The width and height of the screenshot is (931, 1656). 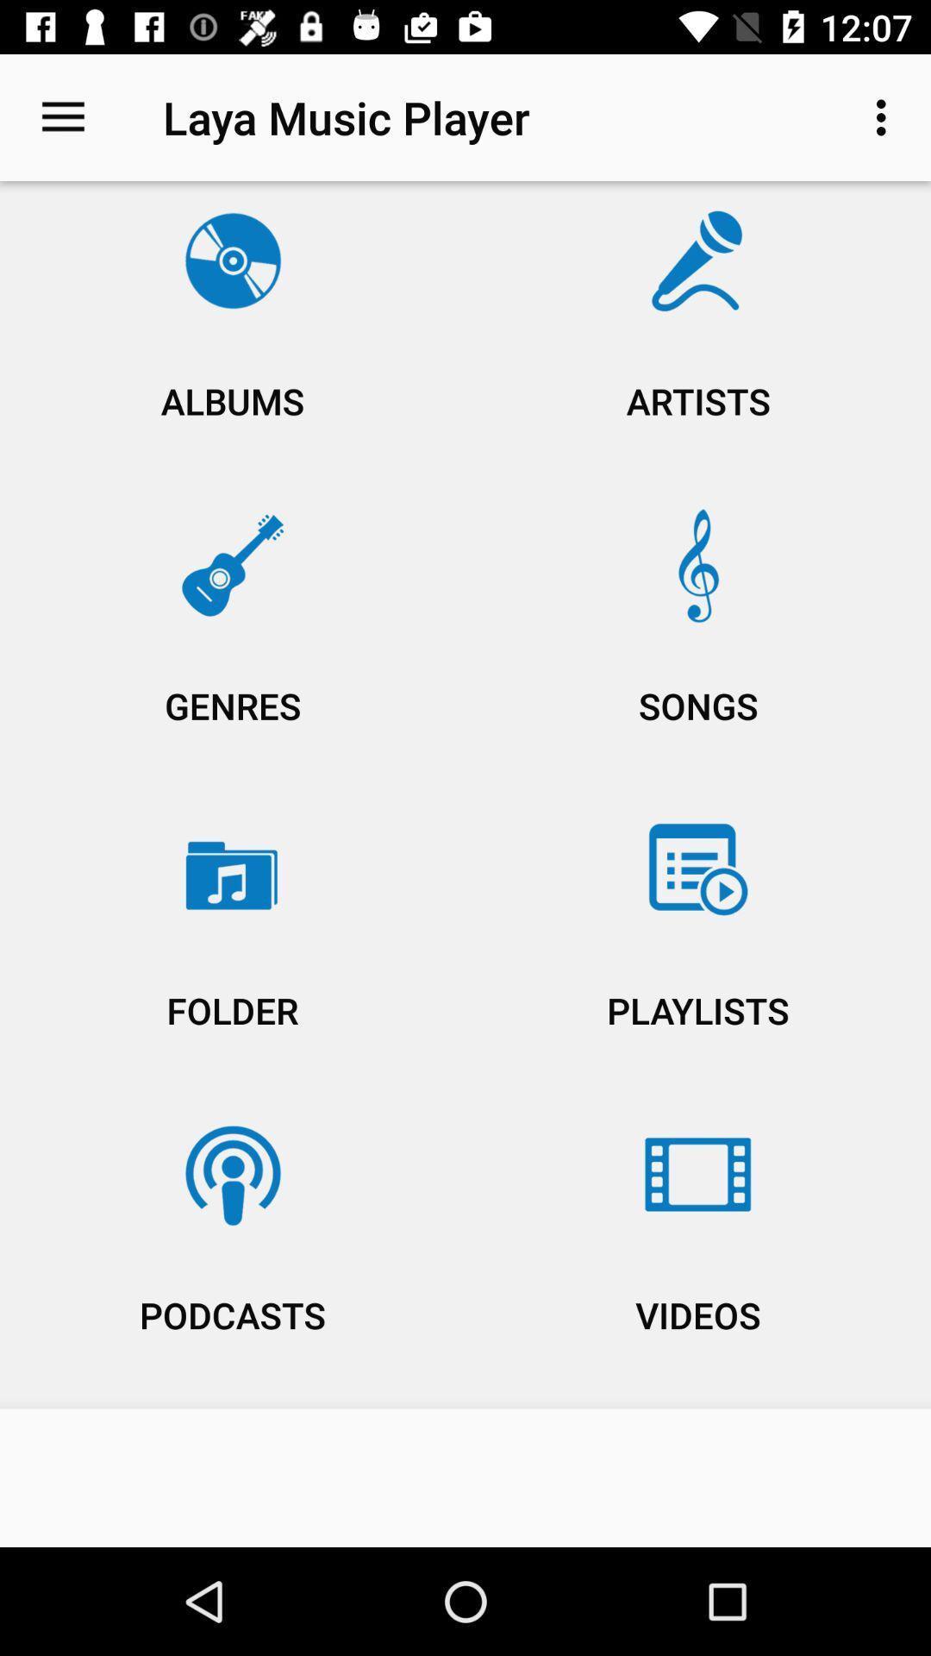 I want to click on the folder item, so click(x=233, y=946).